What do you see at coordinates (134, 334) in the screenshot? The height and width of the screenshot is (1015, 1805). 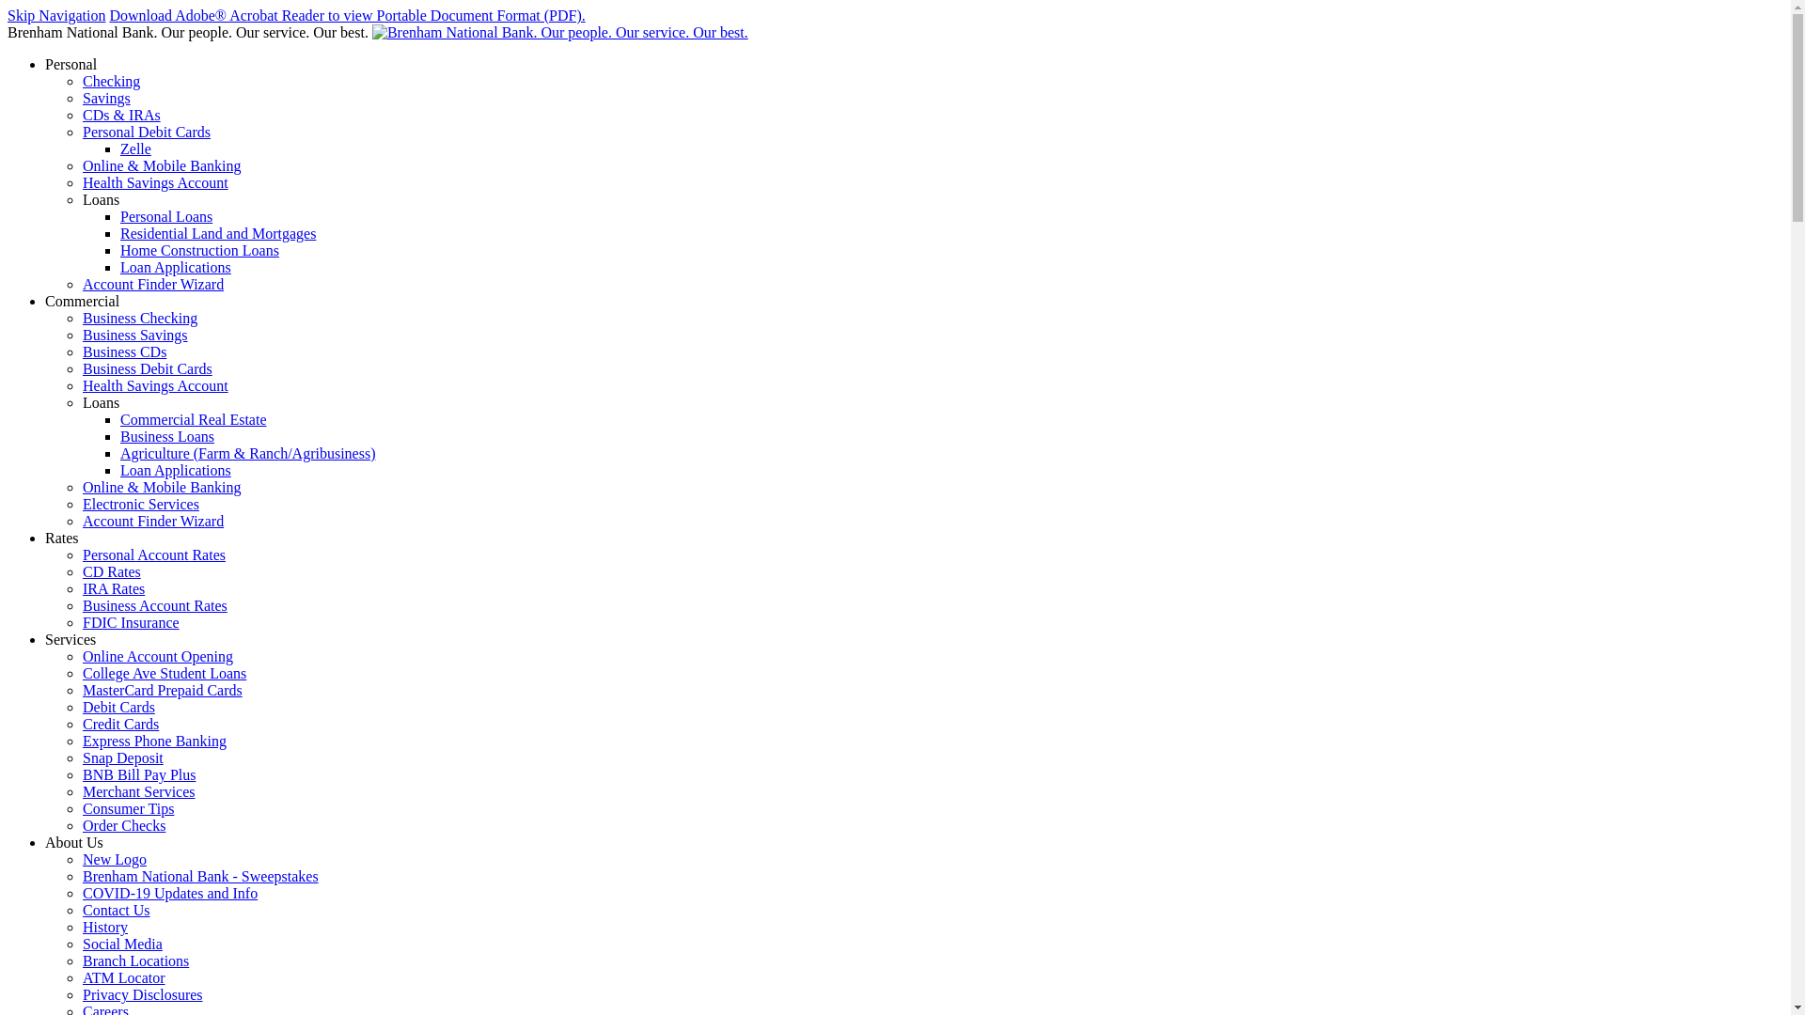 I see `'Business Savings'` at bounding box center [134, 334].